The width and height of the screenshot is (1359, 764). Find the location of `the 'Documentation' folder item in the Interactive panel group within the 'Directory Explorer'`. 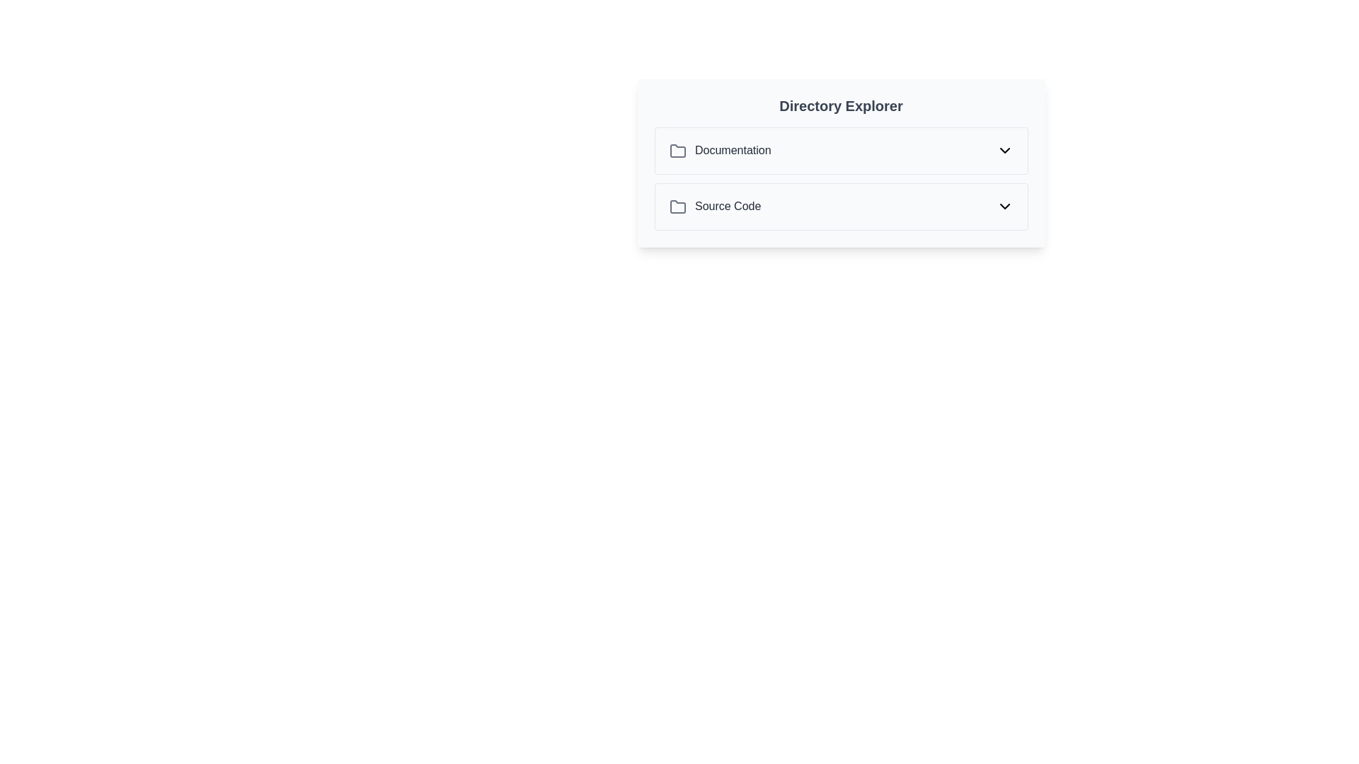

the 'Documentation' folder item in the Interactive panel group within the 'Directory Explorer' is located at coordinates (841, 162).